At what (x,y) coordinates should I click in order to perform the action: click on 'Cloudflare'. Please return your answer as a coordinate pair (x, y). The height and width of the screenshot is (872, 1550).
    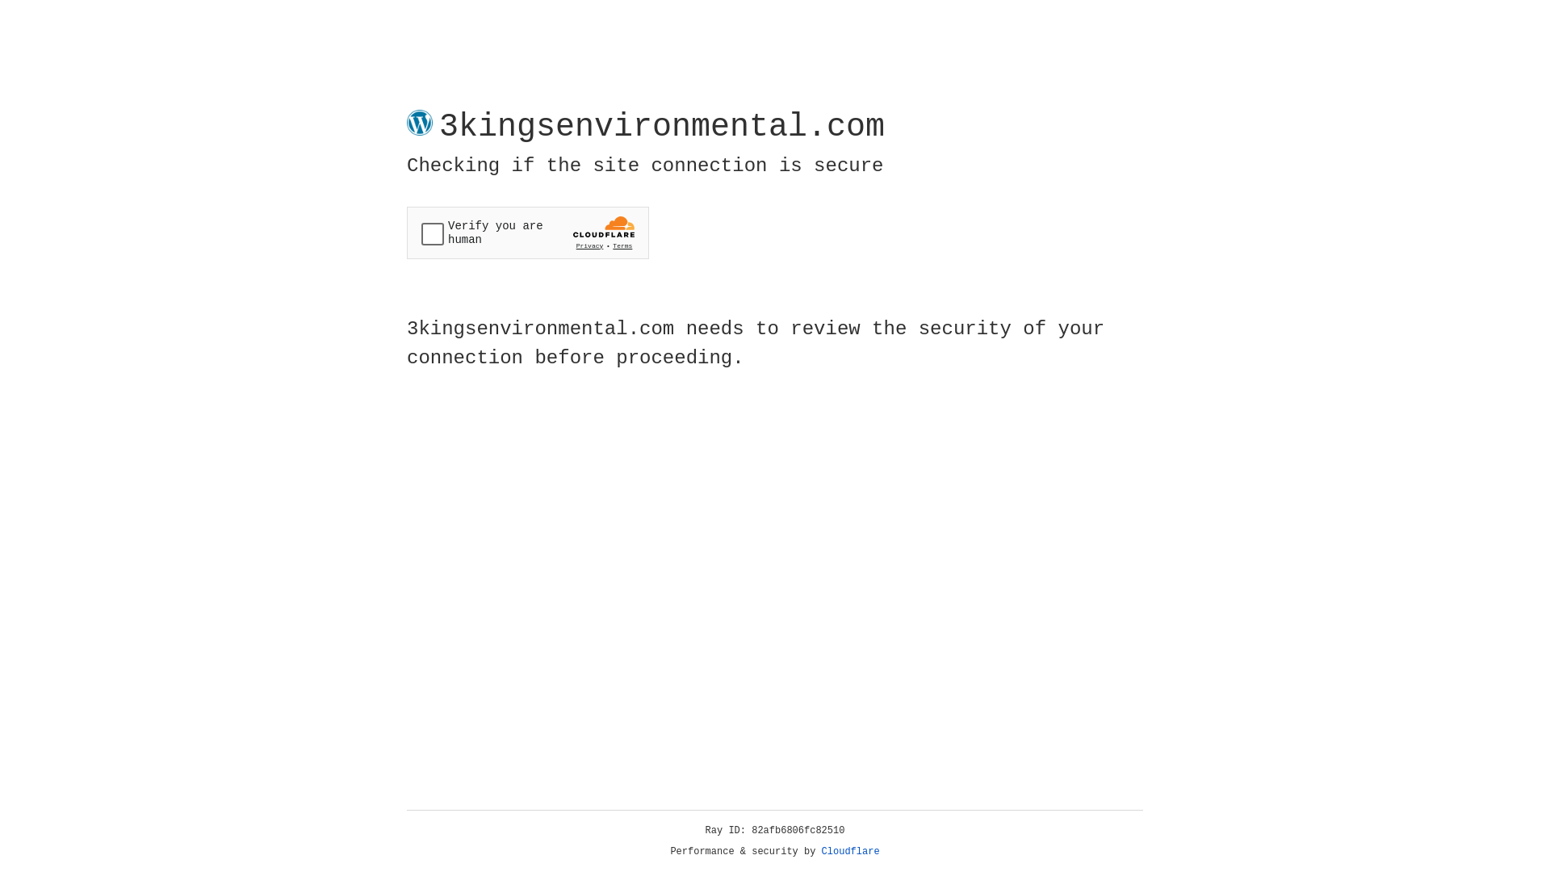
    Looking at the image, I should click on (821, 851).